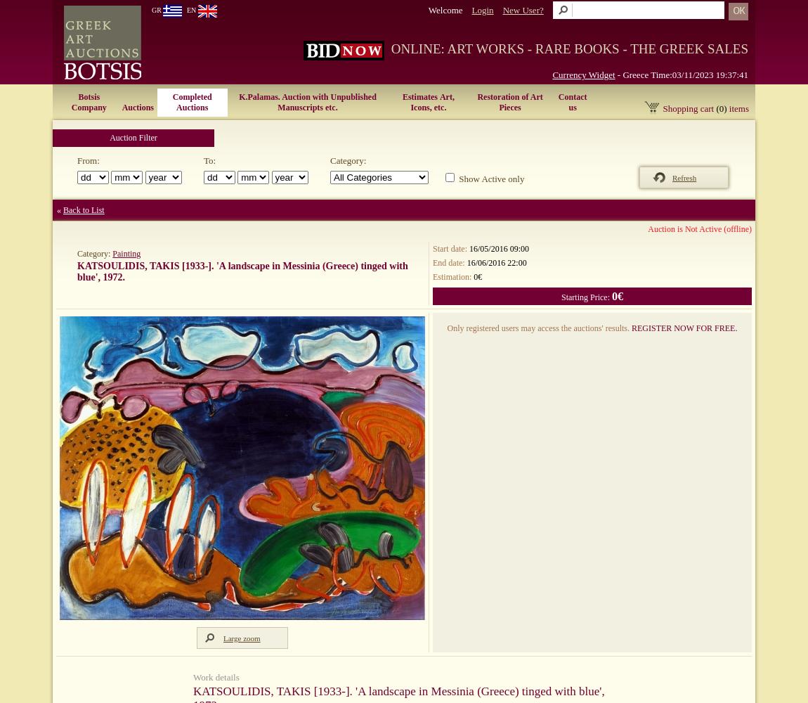 Image resolution: width=808 pixels, height=703 pixels. I want to click on 'Shopping cart', so click(689, 108).